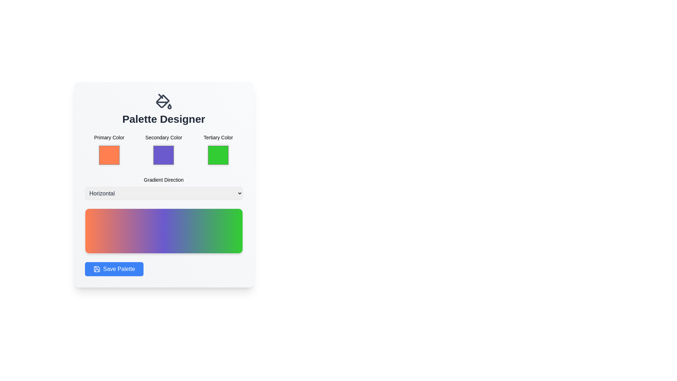  What do you see at coordinates (109, 150) in the screenshot?
I see `the leftmost Color Picker element, which is a square with an orange fill and a light-gray rounded border` at bounding box center [109, 150].